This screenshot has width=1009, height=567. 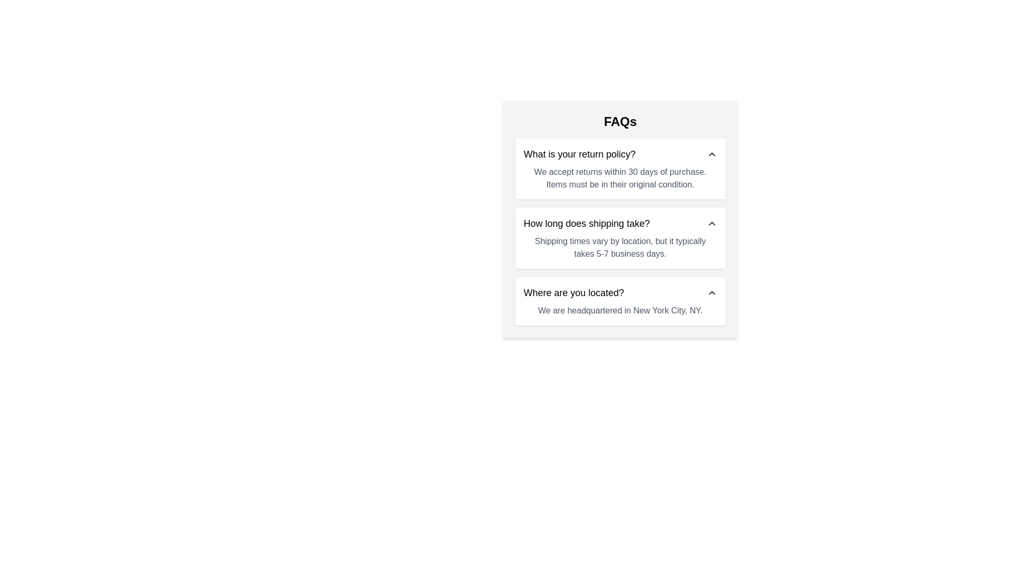 What do you see at coordinates (620, 301) in the screenshot?
I see `the FAQ card that provides the answer to 'Where are you located?' in the FAQ section` at bounding box center [620, 301].